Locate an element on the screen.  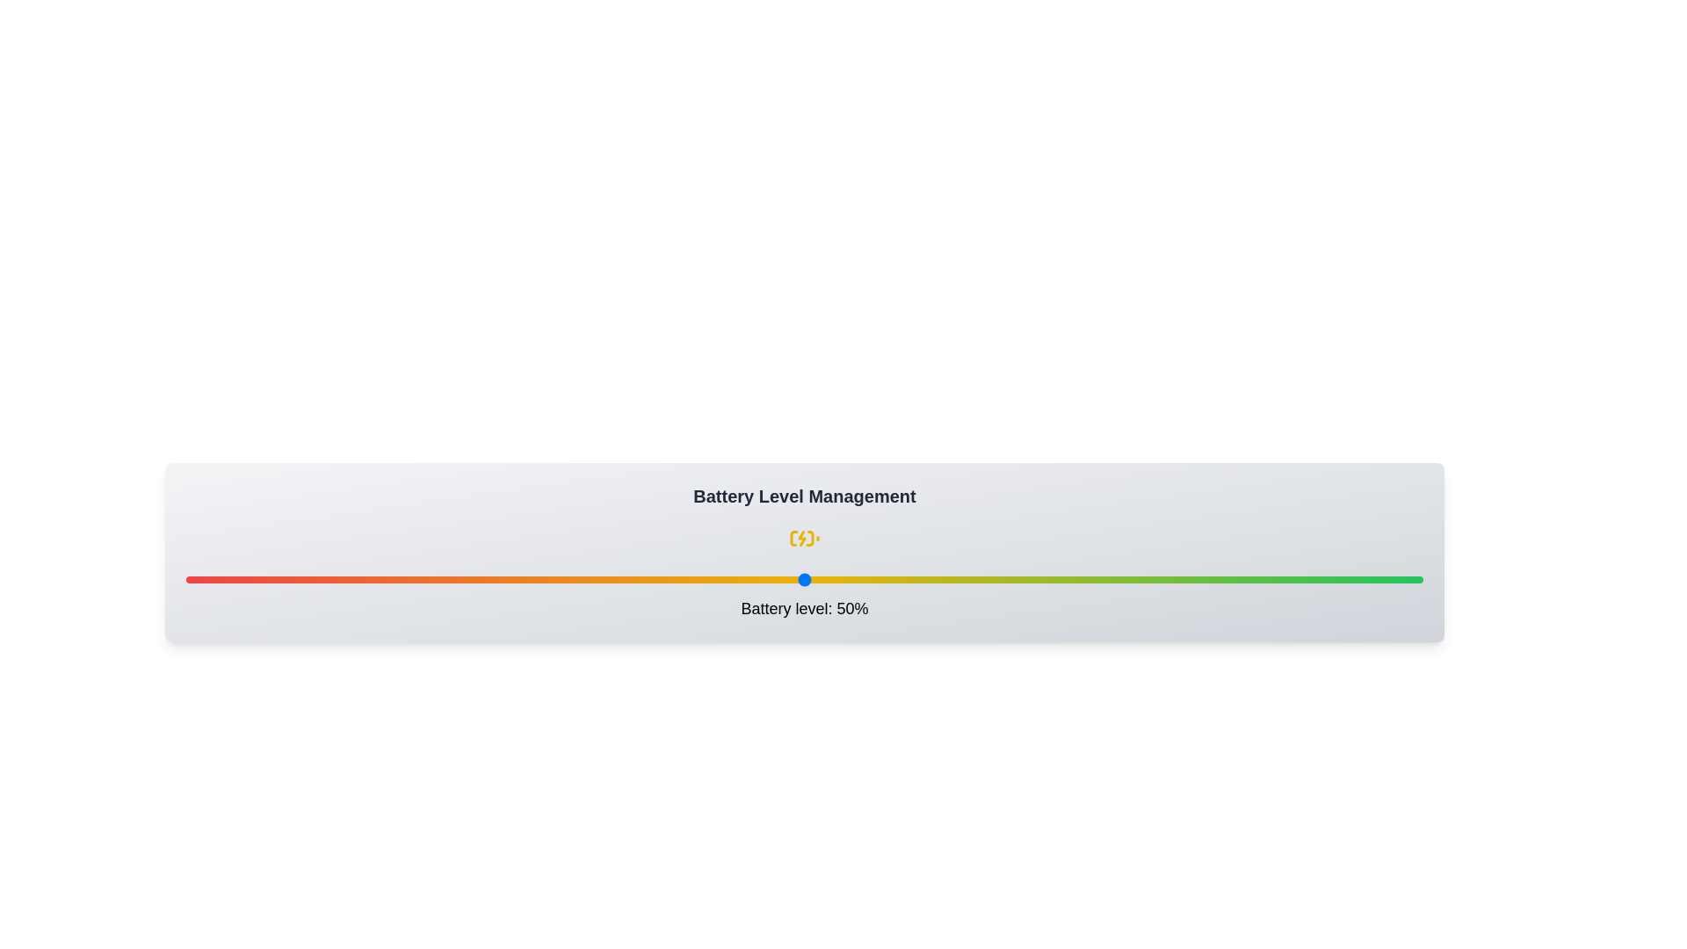
the header text 'Battery Level Management' for copying is located at coordinates (804, 496).